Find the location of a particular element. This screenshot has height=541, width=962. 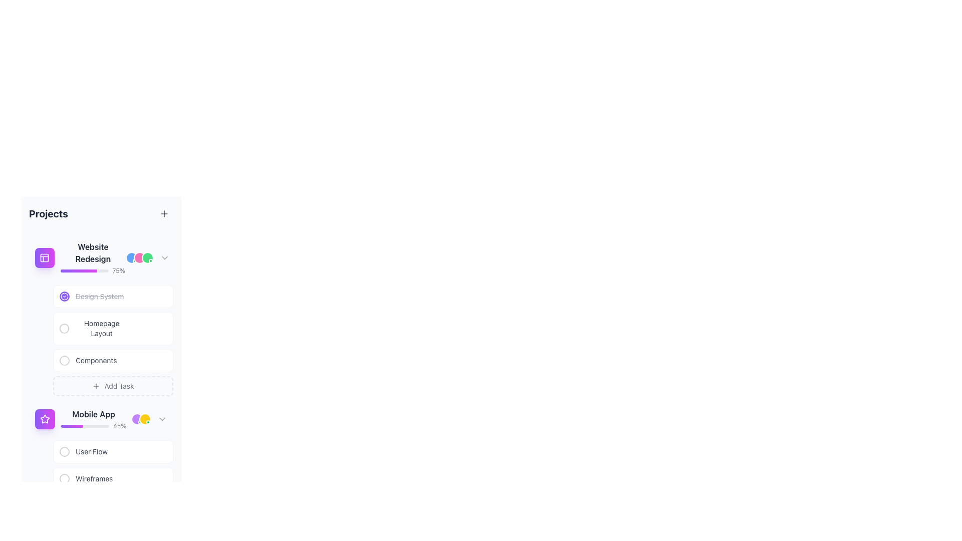

the 'Homepage Layout' task item in the project management sidebar is located at coordinates (113, 328).